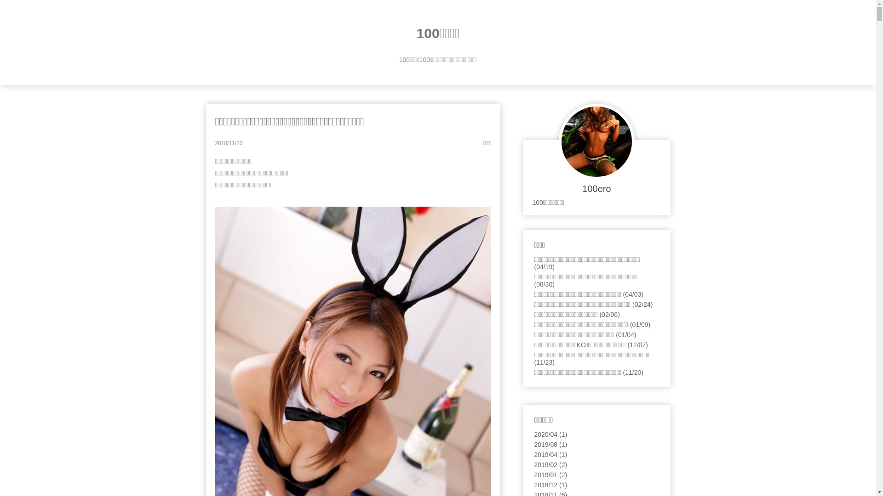 The image size is (883, 496). I want to click on '2019/02 (2)', so click(551, 464).